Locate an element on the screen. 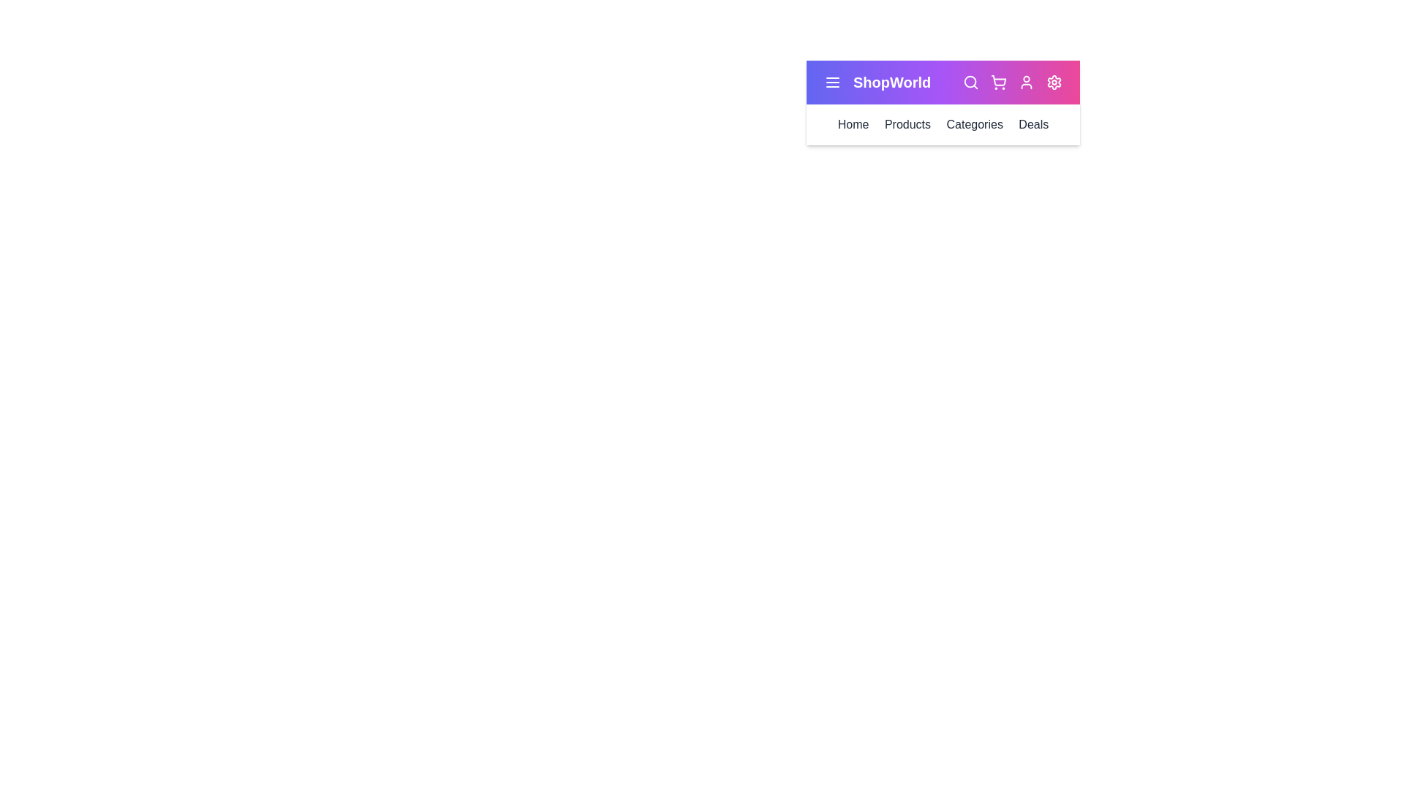  the navigation menu item Products to navigate to the respective section is located at coordinates (907, 123).